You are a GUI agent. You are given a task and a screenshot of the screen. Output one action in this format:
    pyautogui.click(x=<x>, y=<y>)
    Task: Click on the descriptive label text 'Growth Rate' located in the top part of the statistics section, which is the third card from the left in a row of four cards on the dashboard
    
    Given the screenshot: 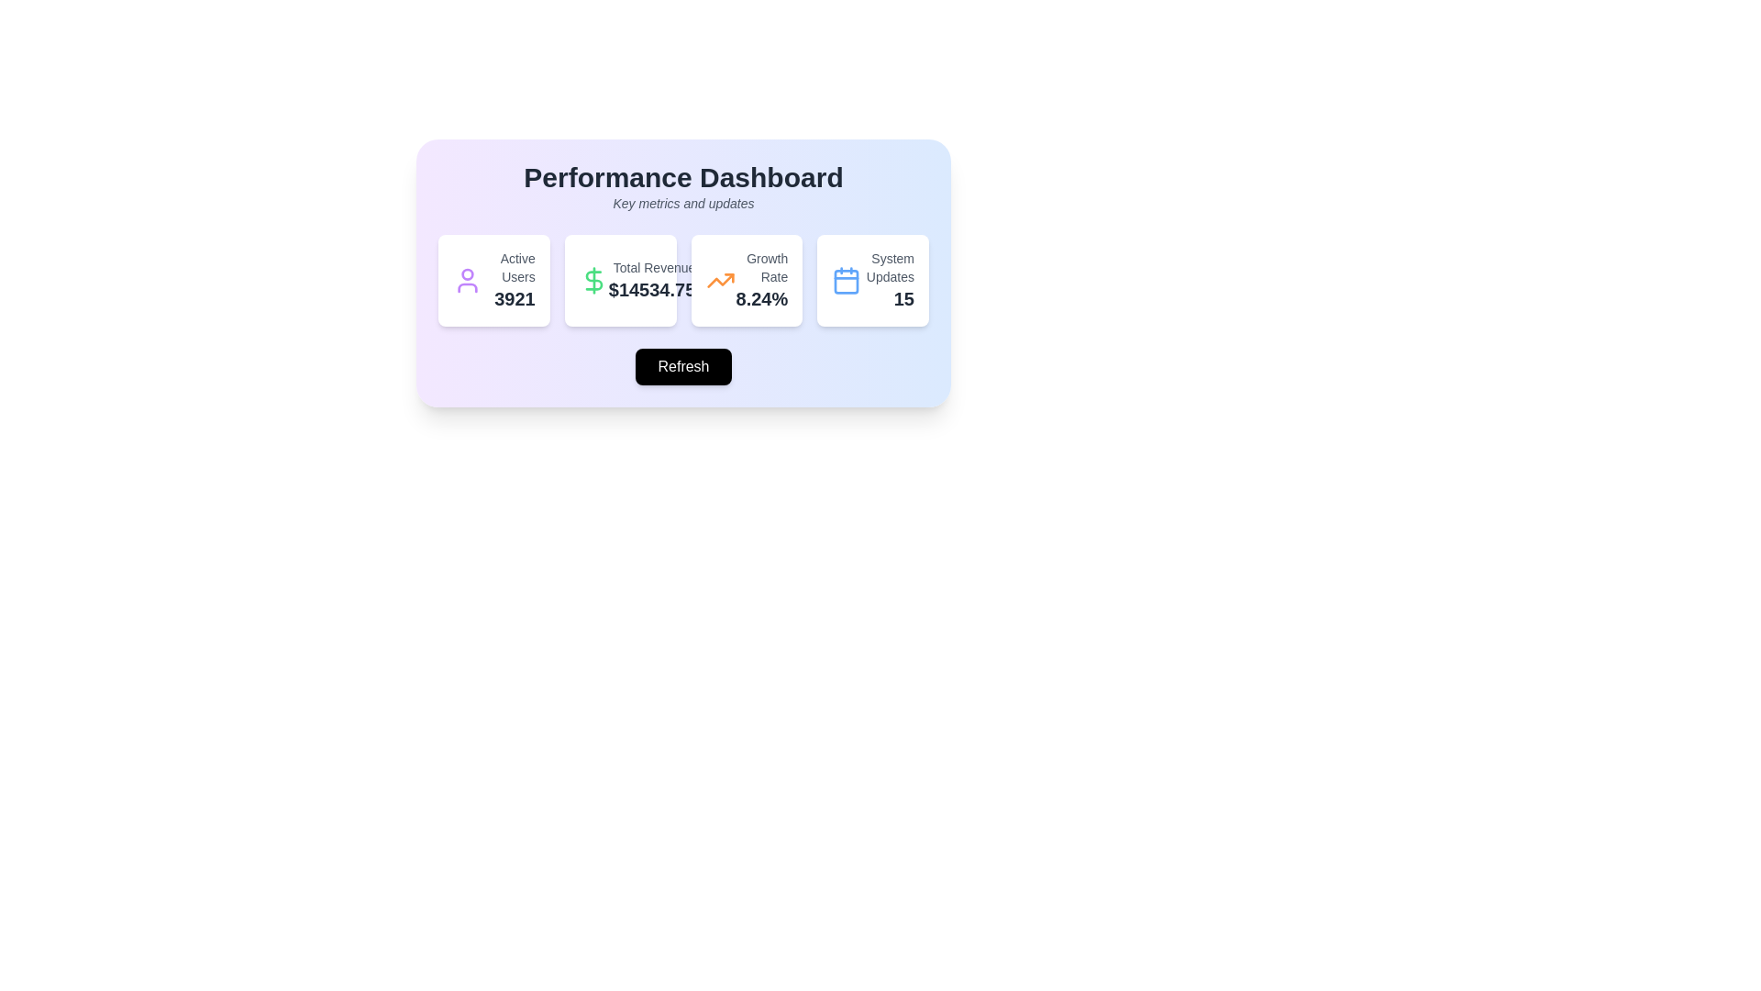 What is the action you would take?
    pyautogui.click(x=761, y=268)
    